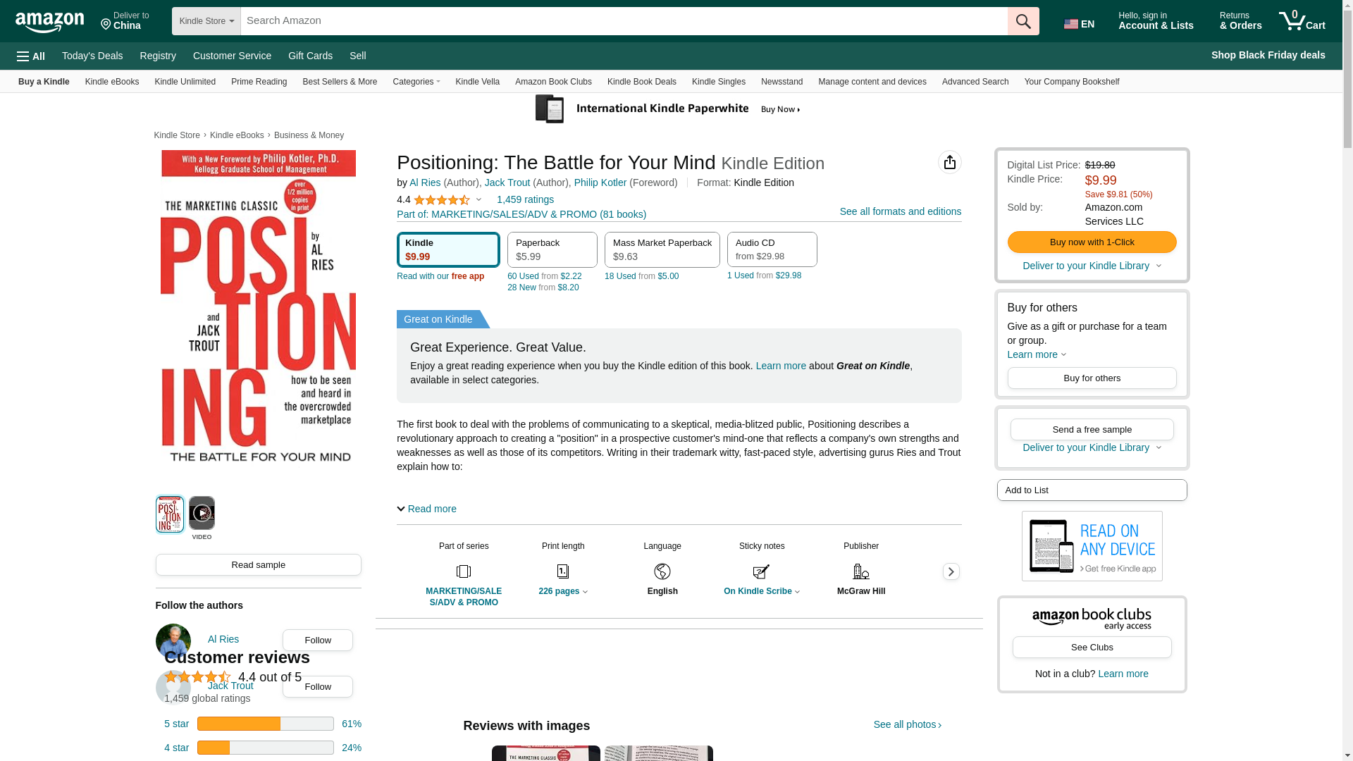  I want to click on '5 star', so click(175, 723).